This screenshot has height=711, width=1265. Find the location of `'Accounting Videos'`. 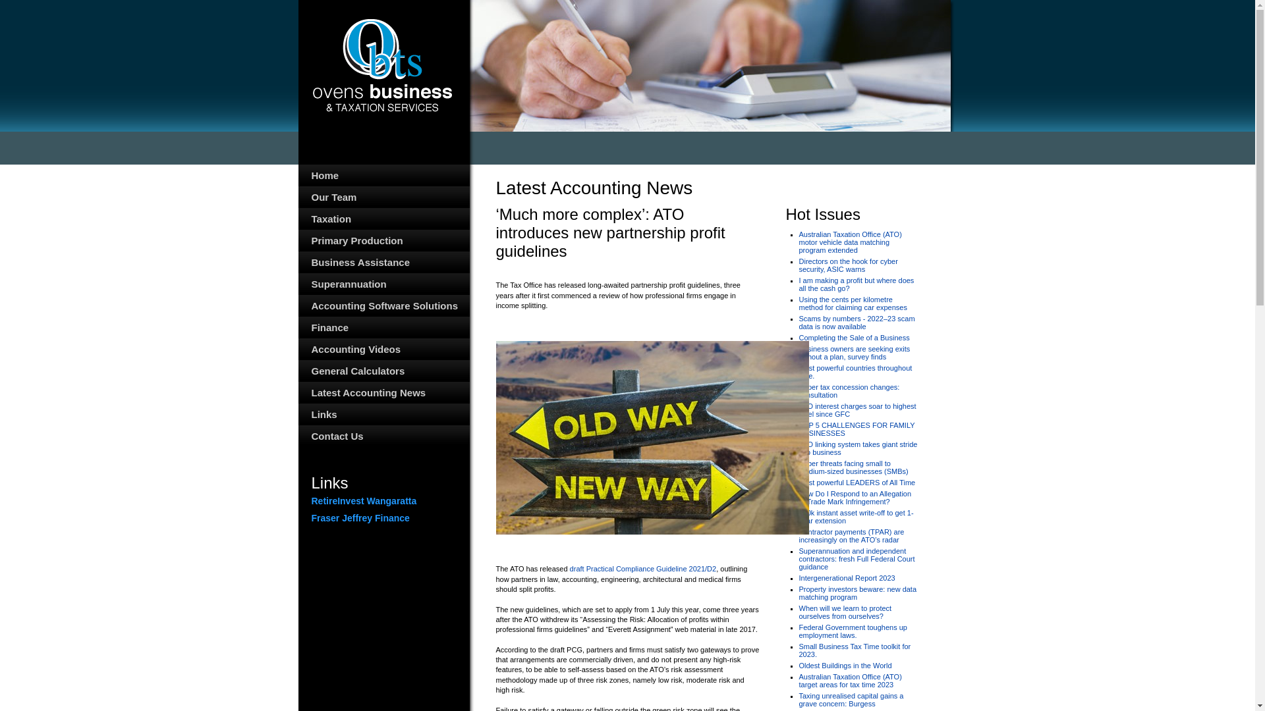

'Accounting Videos' is located at coordinates (382, 348).